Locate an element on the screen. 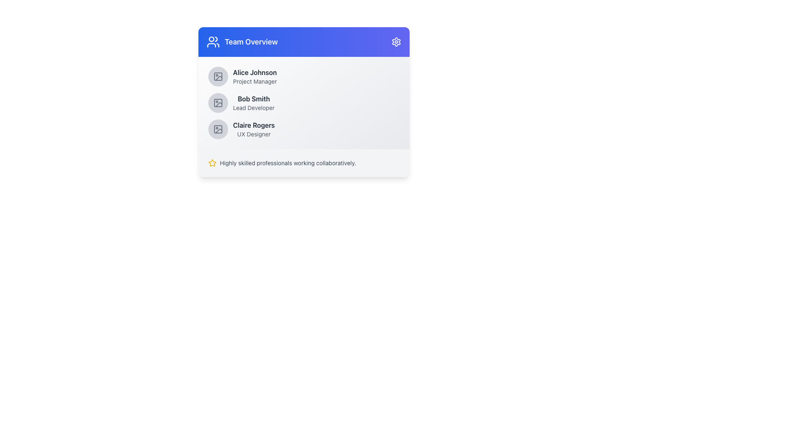  the 'Team Overview' header, which is styled in bold font and has a graphical icon representing a group of individuals, to focus on it is located at coordinates (242, 42).